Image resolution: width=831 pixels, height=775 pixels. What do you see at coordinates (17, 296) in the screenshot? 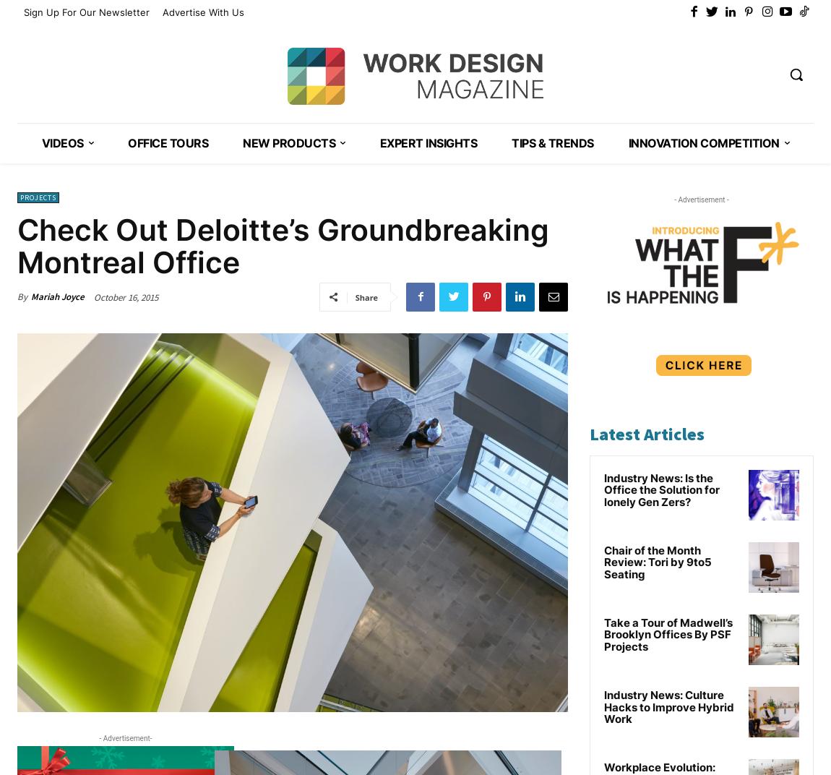
I see `'By'` at bounding box center [17, 296].